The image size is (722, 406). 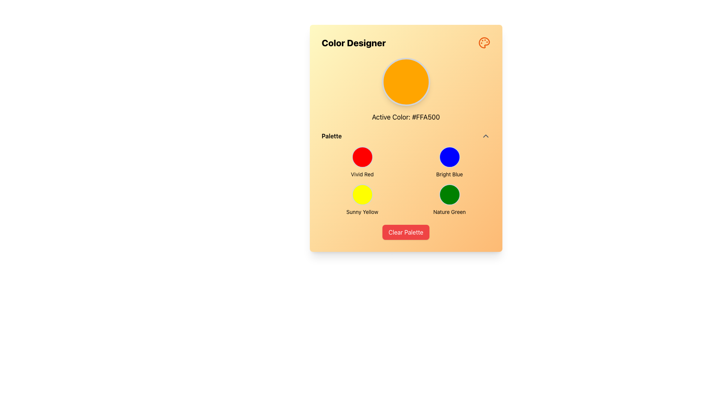 I want to click on the text label displaying 'Nature Green', located beneath the green circular element in the color palette section, so click(x=449, y=212).